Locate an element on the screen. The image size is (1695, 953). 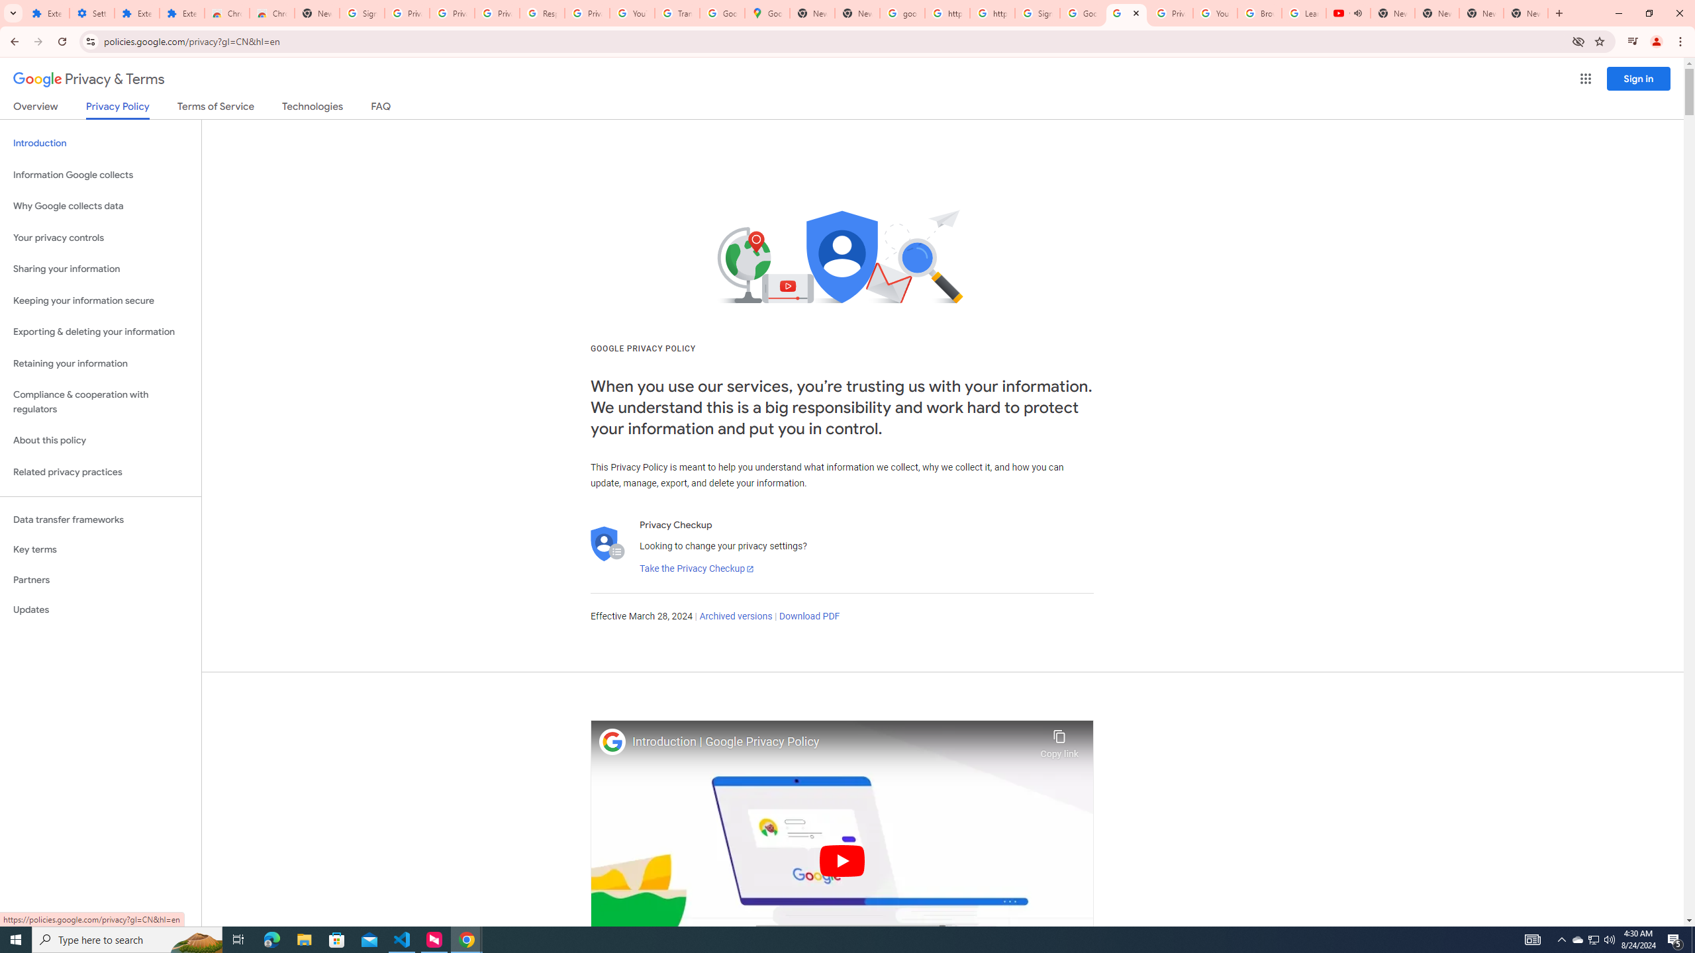
'Related privacy practices' is located at coordinates (100, 471).